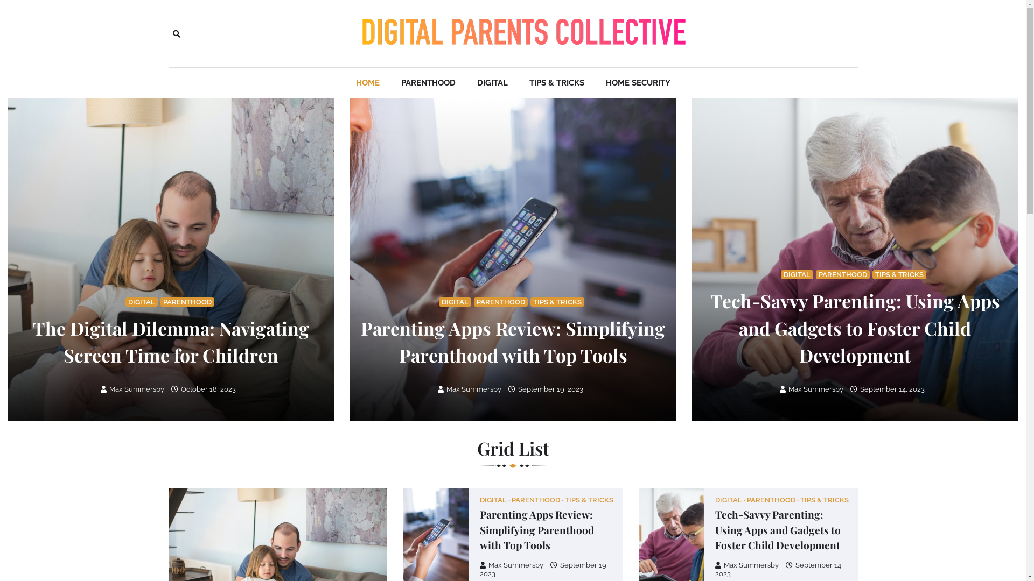 The image size is (1034, 581). I want to click on 'DIGITAL', so click(730, 500).